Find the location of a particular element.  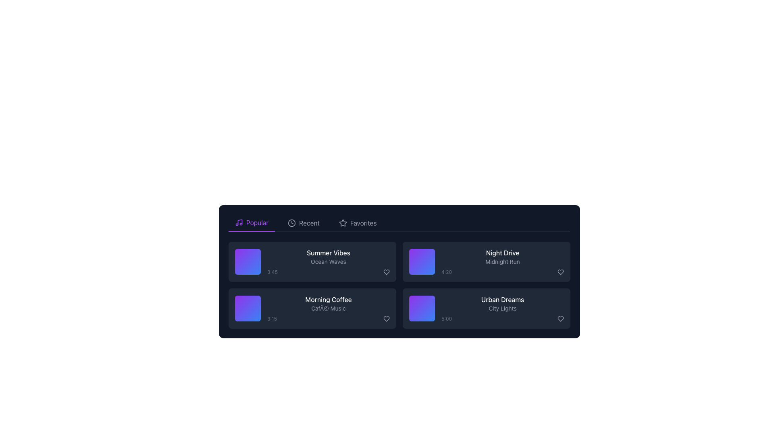

the favorite toggle icon located in the bottom-right corner of the second item in the left column of the grid layout beneath the 'Popular' tab is located at coordinates (386, 318).